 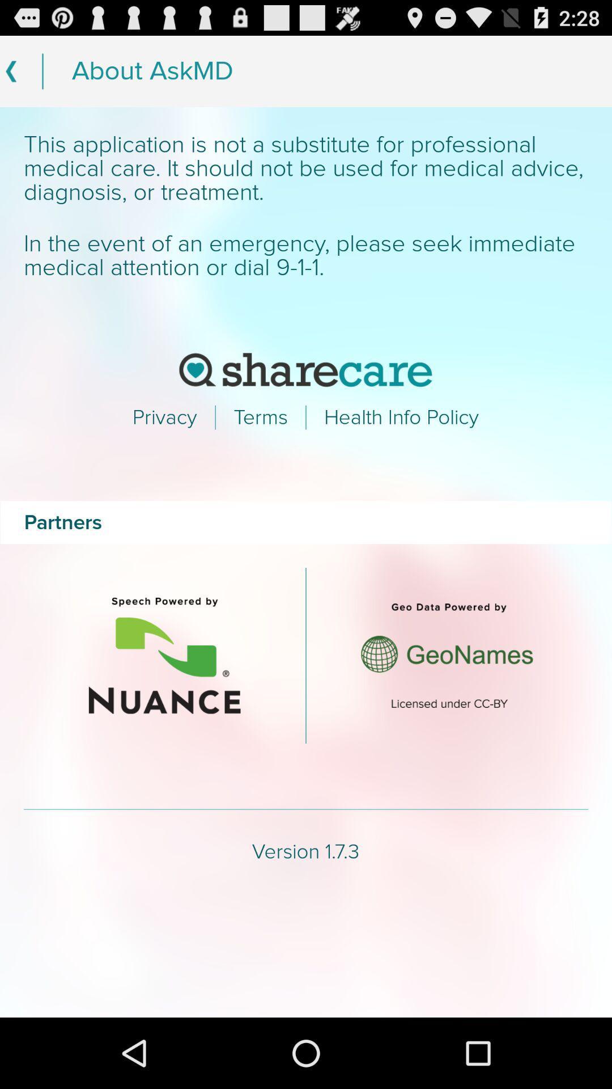 What do you see at coordinates (164, 417) in the screenshot?
I see `the text which says privacy` at bounding box center [164, 417].